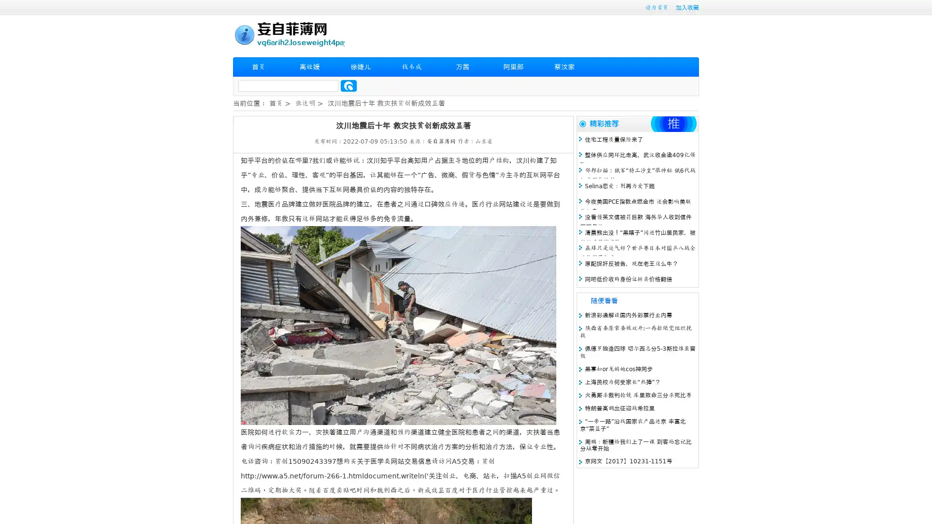 The height and width of the screenshot is (524, 932). What do you see at coordinates (349, 85) in the screenshot?
I see `Search` at bounding box center [349, 85].